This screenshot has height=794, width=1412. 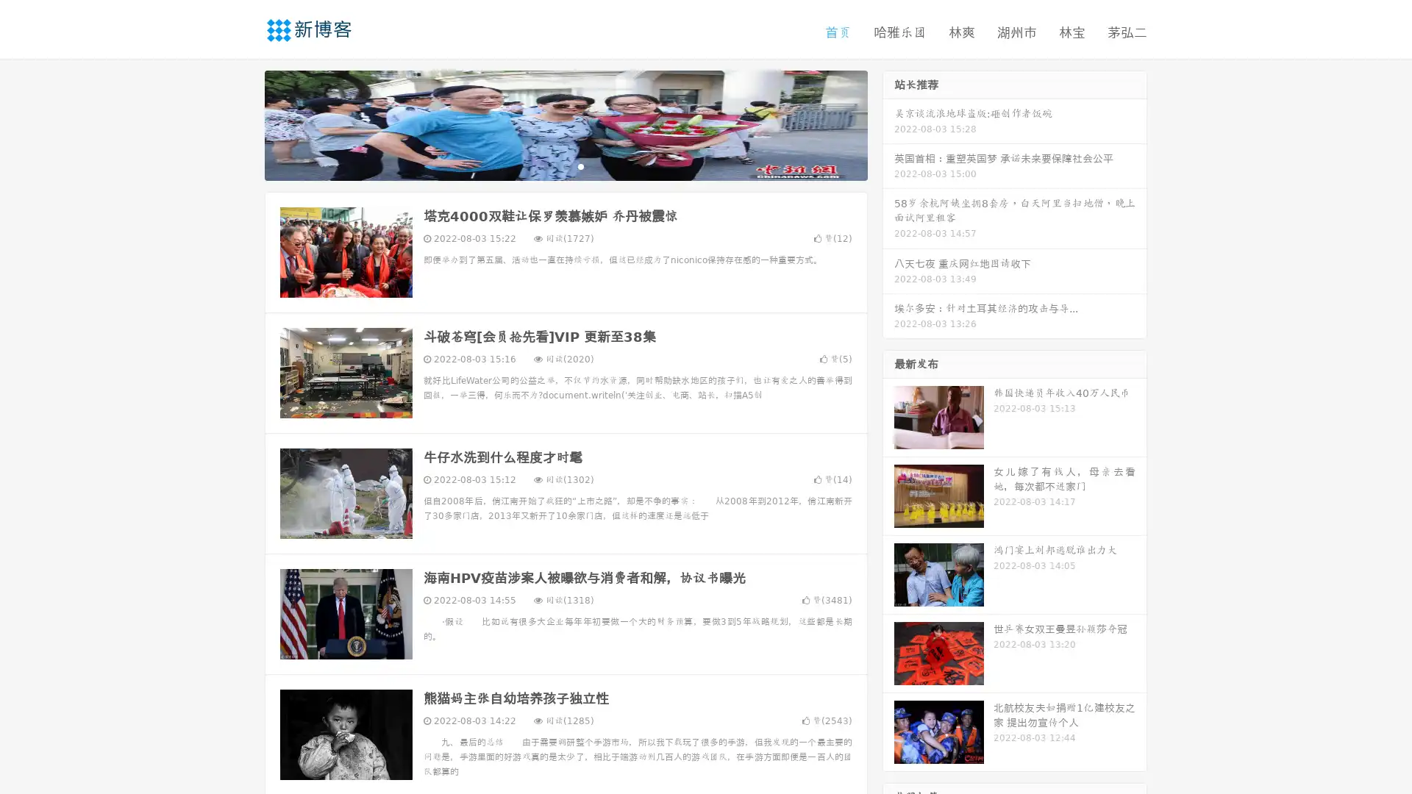 What do you see at coordinates (243, 124) in the screenshot?
I see `Previous slide` at bounding box center [243, 124].